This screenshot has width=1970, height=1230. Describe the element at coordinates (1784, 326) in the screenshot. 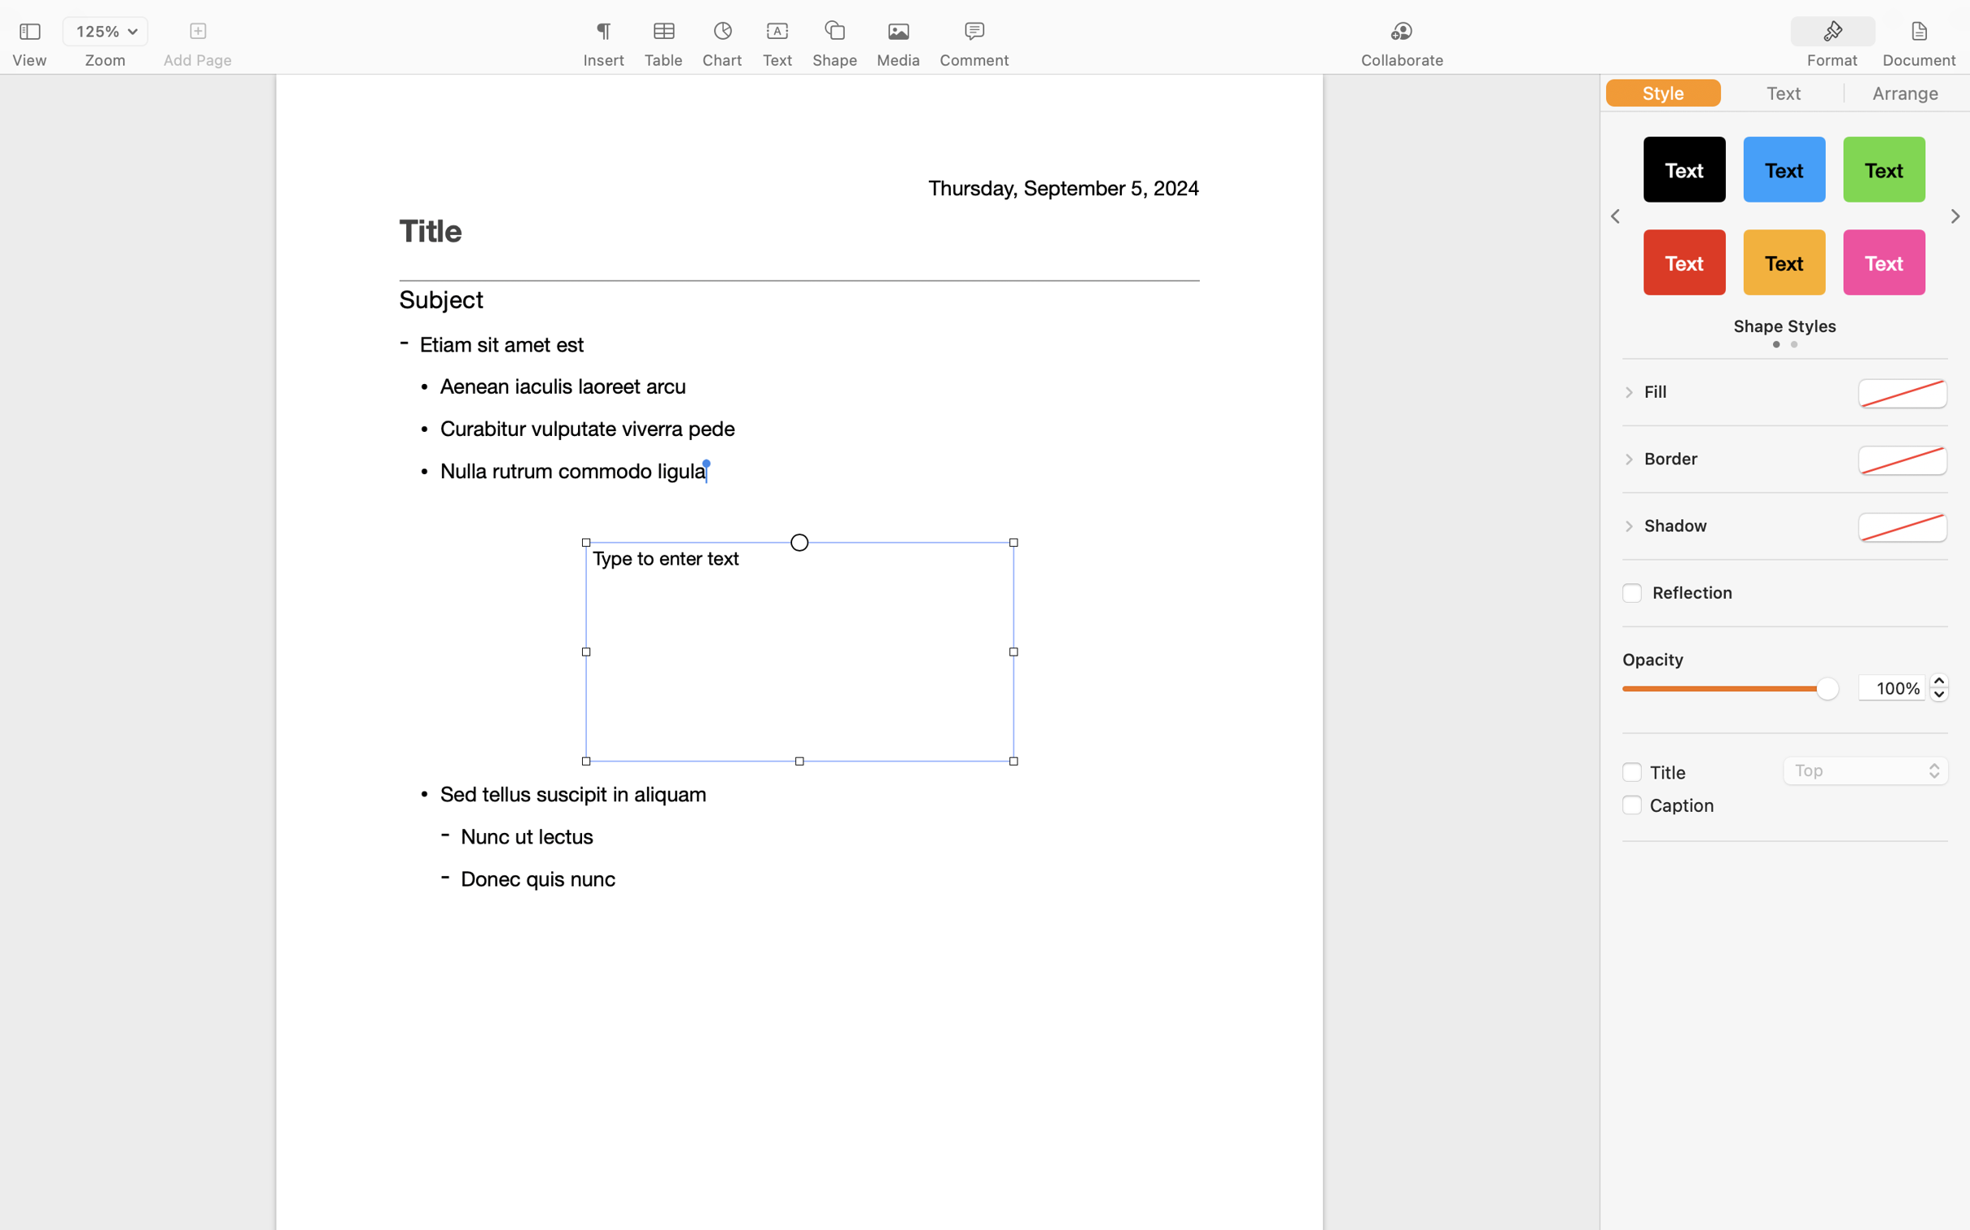

I see `'Shape Styles'` at that location.